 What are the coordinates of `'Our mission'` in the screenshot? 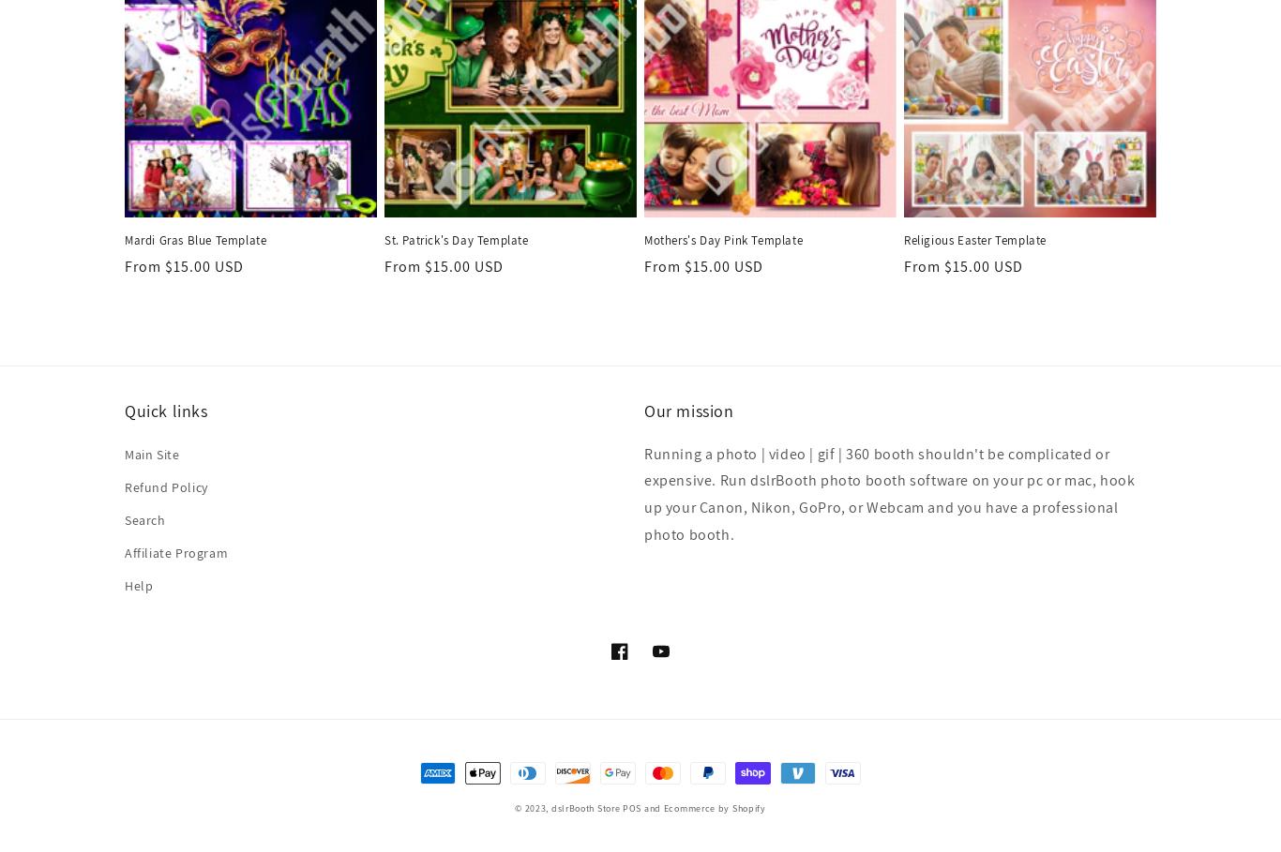 It's located at (688, 410).